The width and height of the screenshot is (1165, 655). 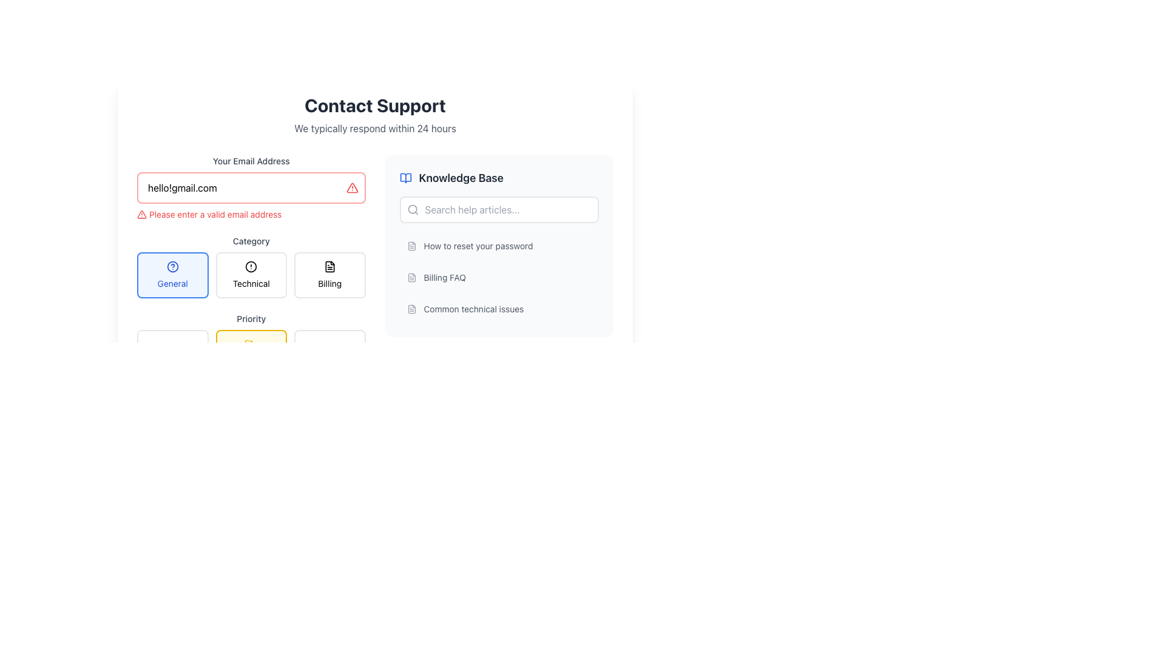 What do you see at coordinates (411, 308) in the screenshot?
I see `the document or file icon that is centrally placed within a rectangular region, adjacent to text elements, used for content categorization or identification` at bounding box center [411, 308].